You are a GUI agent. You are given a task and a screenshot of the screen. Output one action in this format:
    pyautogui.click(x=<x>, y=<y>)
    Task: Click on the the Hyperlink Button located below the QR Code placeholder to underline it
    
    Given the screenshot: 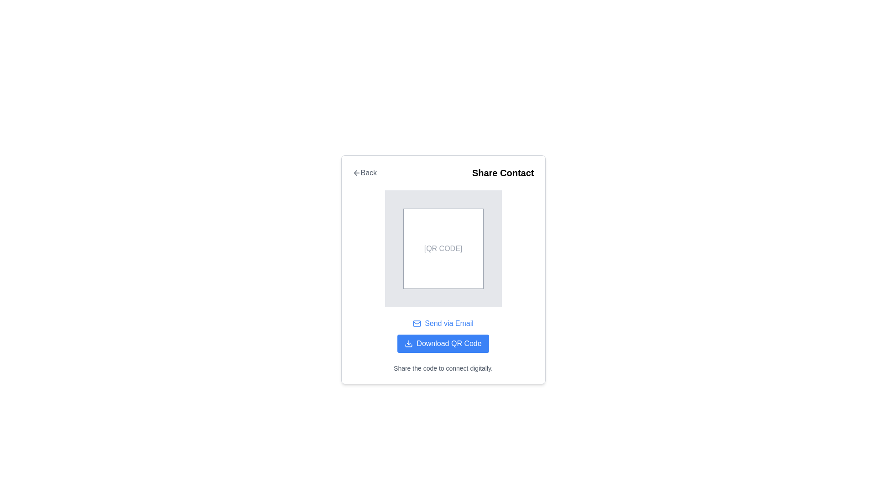 What is the action you would take?
    pyautogui.click(x=443, y=323)
    